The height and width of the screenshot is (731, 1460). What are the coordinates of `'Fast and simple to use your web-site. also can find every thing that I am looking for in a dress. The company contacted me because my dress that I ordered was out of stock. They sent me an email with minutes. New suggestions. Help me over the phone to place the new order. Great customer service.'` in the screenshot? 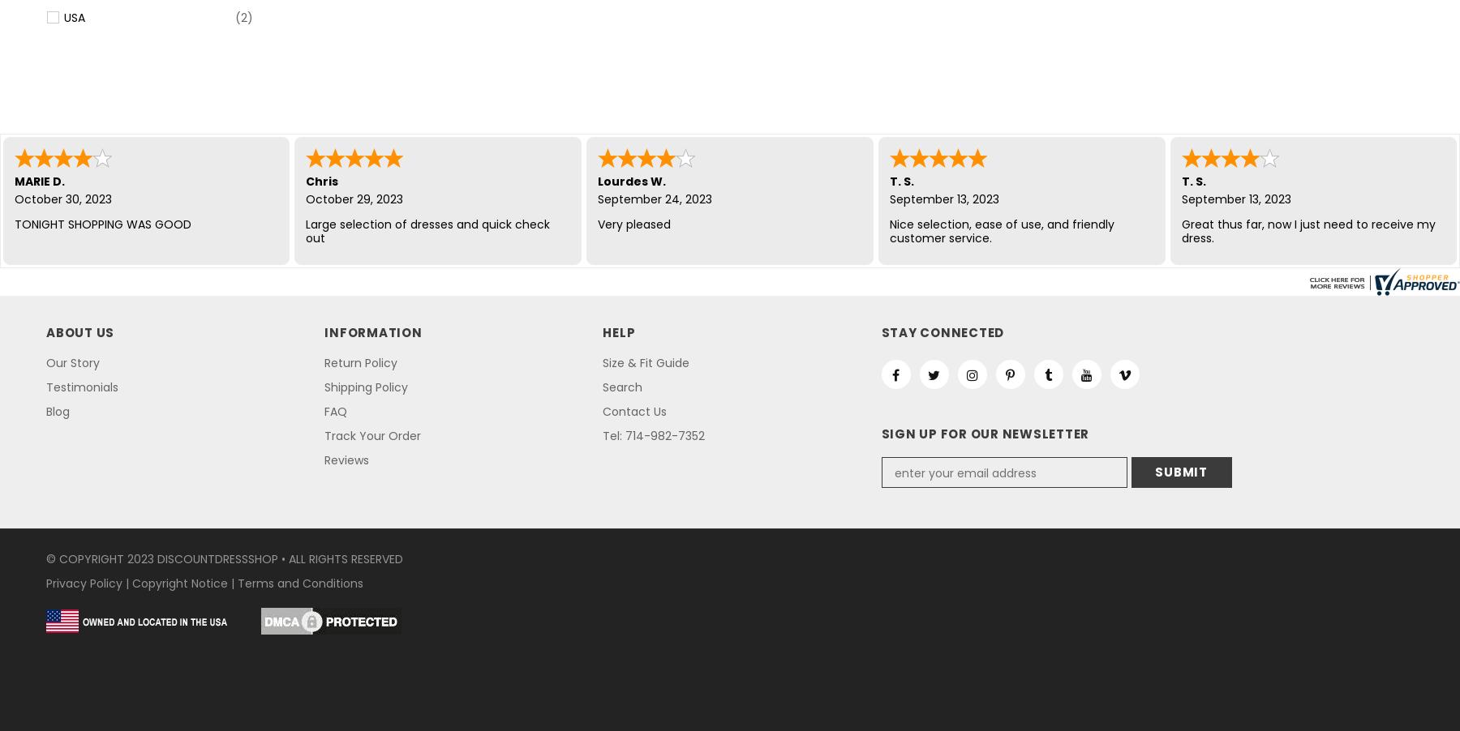 It's located at (1020, 264).